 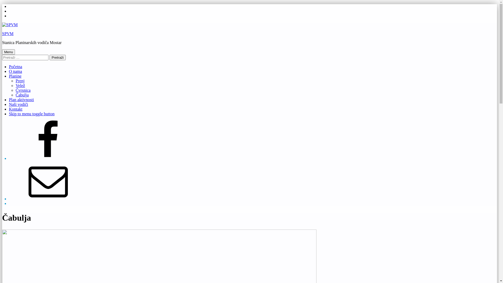 What do you see at coordinates (20, 81) in the screenshot?
I see `'Prenj'` at bounding box center [20, 81].